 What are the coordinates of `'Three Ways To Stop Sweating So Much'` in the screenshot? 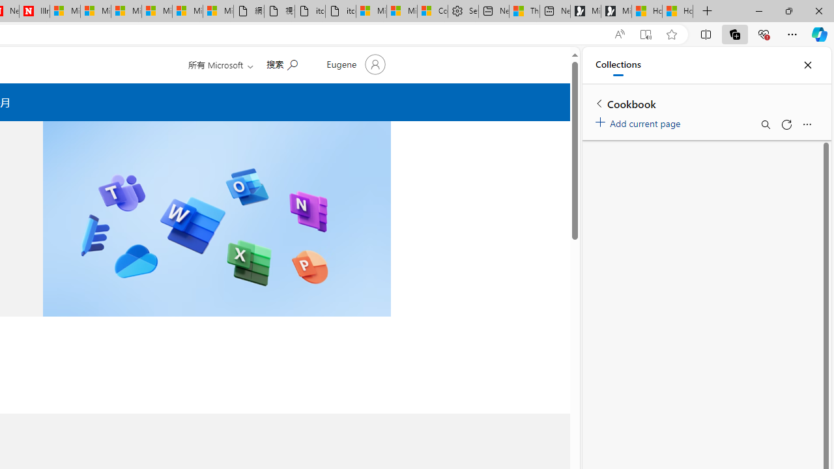 It's located at (525, 11).